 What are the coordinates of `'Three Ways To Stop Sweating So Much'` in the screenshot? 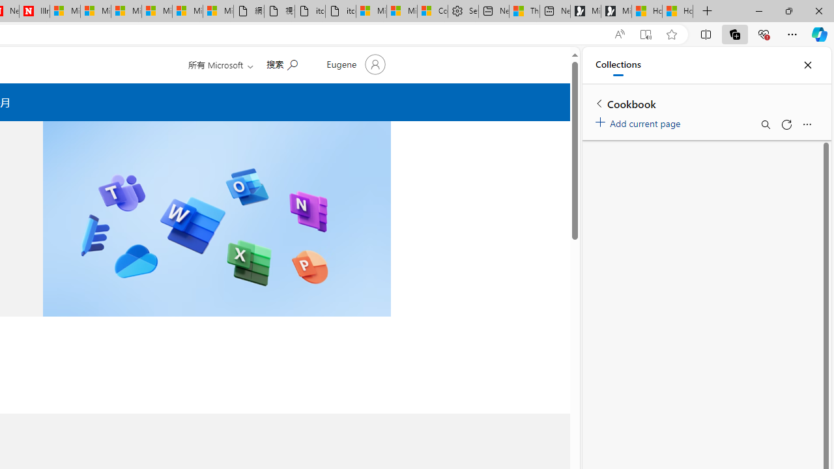 It's located at (525, 11).